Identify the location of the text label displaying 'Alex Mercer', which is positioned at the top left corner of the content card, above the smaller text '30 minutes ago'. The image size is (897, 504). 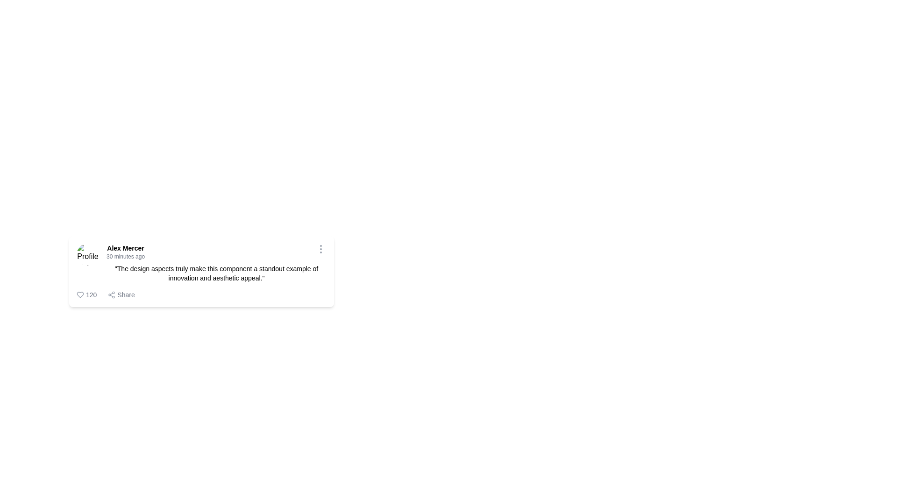
(125, 248).